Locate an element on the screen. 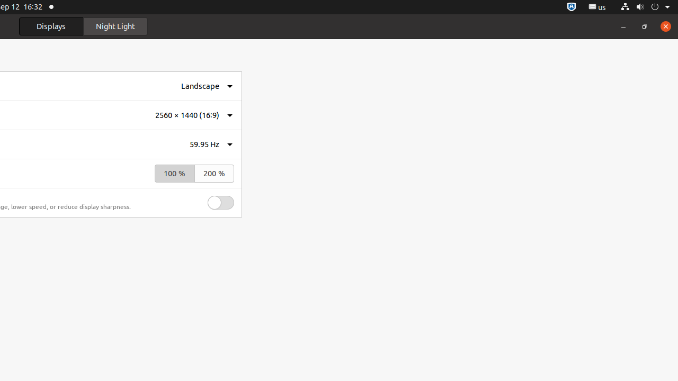  'Landscape' is located at coordinates (200, 85).